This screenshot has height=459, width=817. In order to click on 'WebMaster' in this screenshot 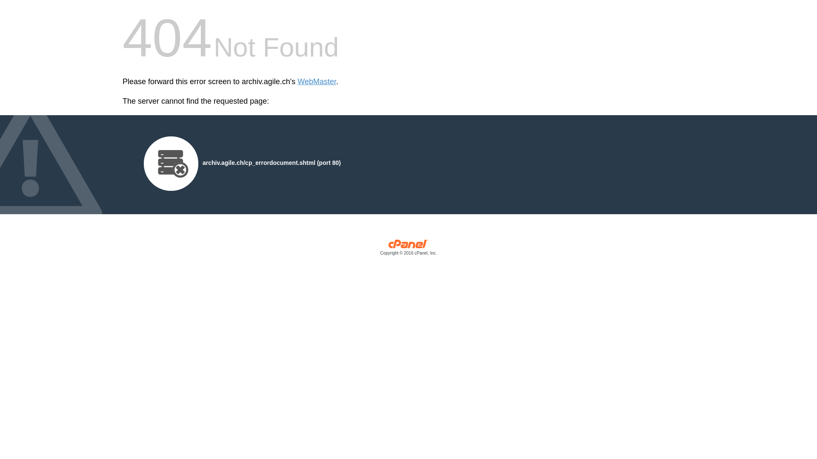, I will do `click(316, 82)`.